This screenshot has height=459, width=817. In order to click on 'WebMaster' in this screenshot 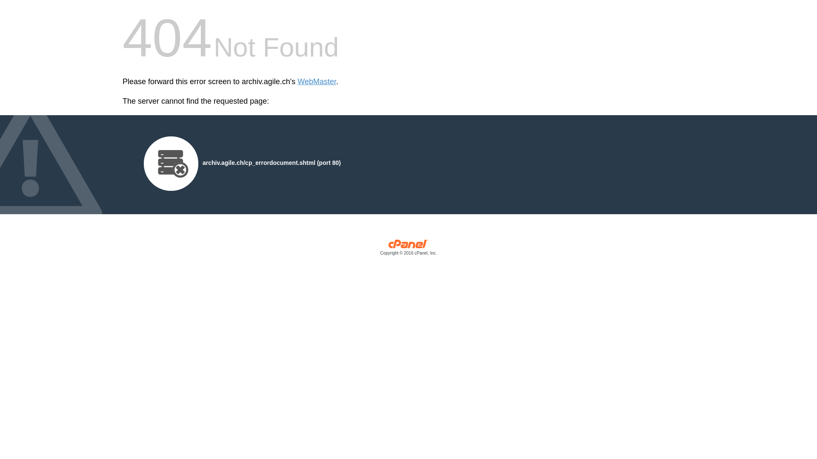, I will do `click(316, 82)`.